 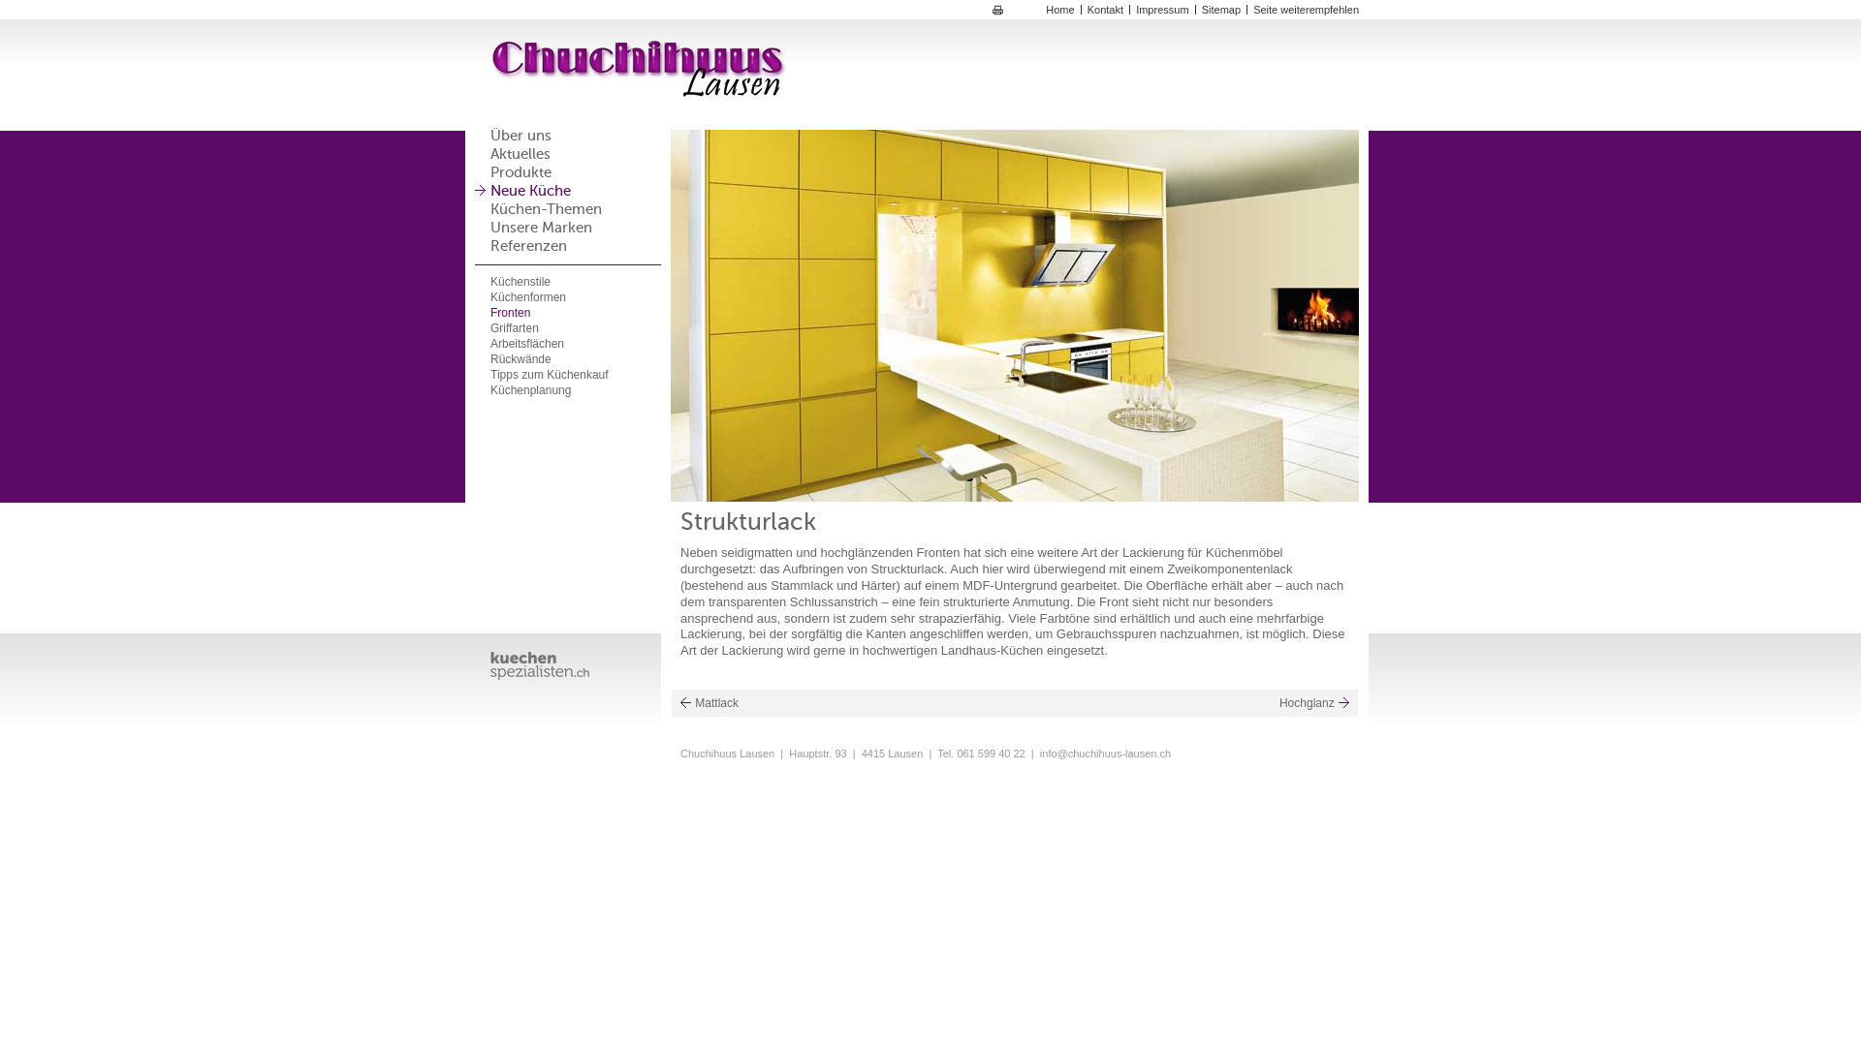 What do you see at coordinates (541, 228) in the screenshot?
I see `'Unsere Marken'` at bounding box center [541, 228].